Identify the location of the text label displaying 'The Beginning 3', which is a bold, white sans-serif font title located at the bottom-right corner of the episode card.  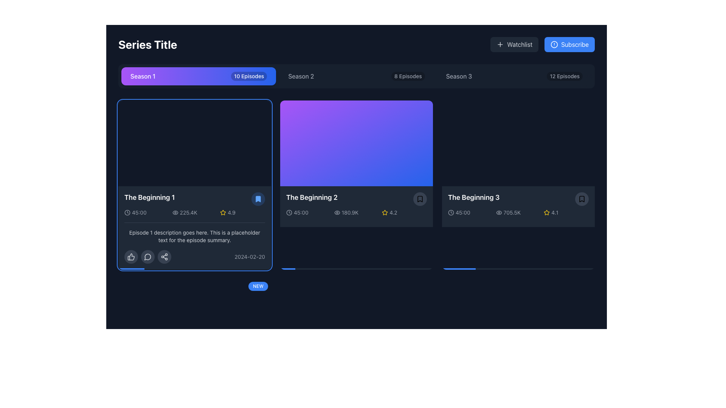
(473, 197).